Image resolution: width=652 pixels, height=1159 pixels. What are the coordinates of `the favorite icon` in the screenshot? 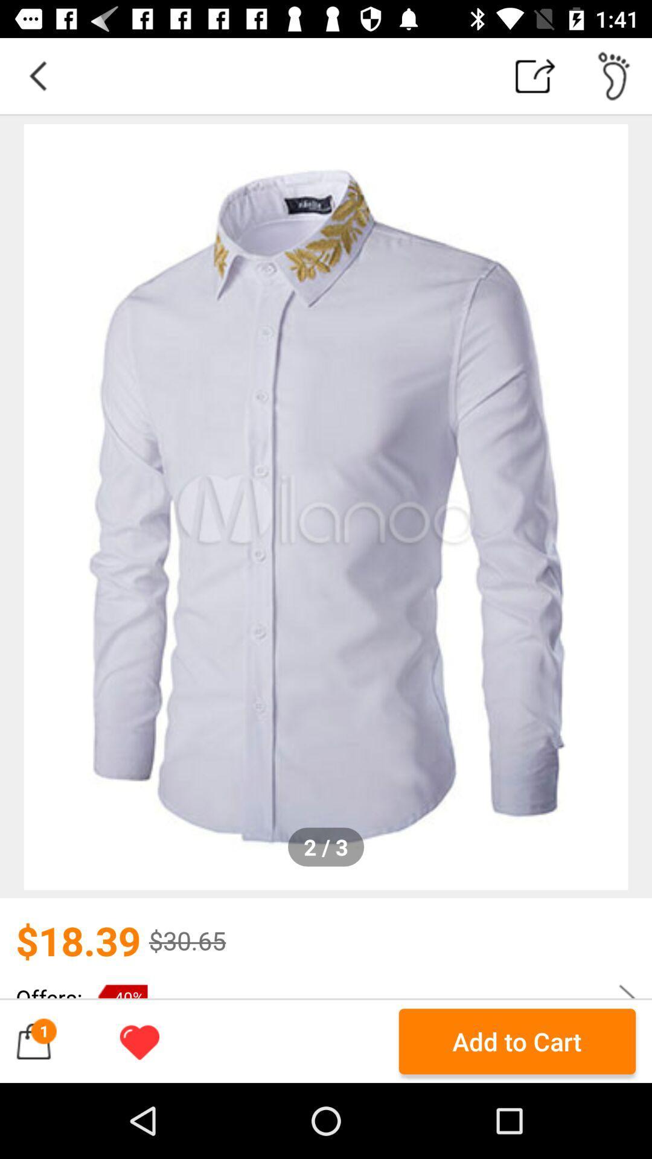 It's located at (139, 1041).